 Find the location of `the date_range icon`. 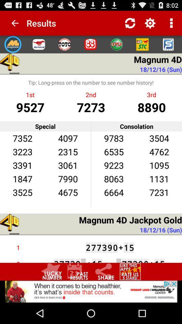

the date_range icon is located at coordinates (78, 290).